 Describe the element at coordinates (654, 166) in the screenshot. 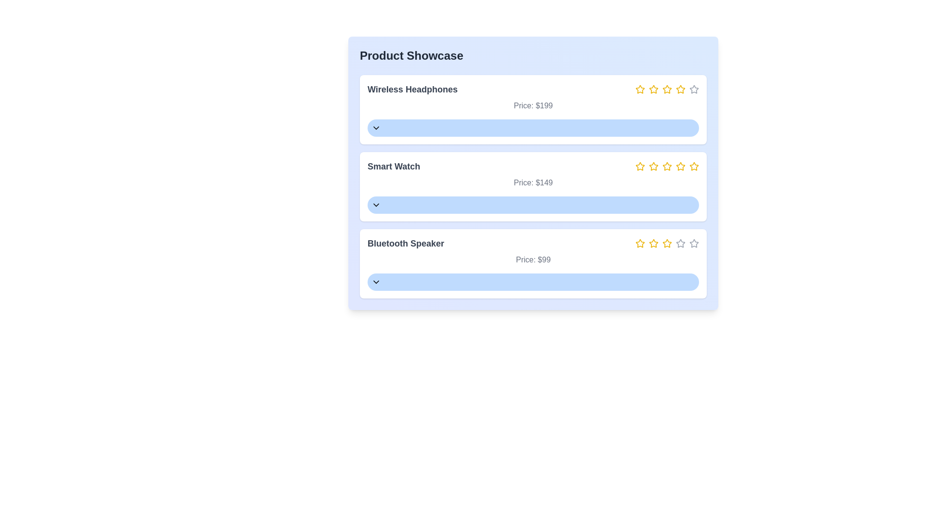

I see `the second yellow star icon in the rating system for the product 'Smart Watch', located next to the text 'Price: $149'` at that location.